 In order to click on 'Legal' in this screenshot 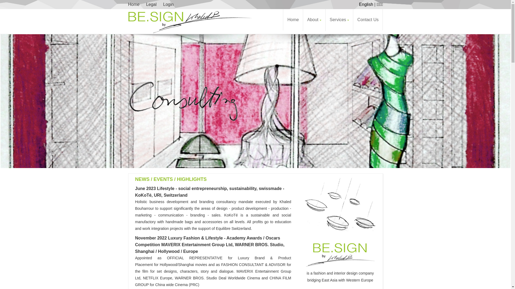, I will do `click(151, 4)`.